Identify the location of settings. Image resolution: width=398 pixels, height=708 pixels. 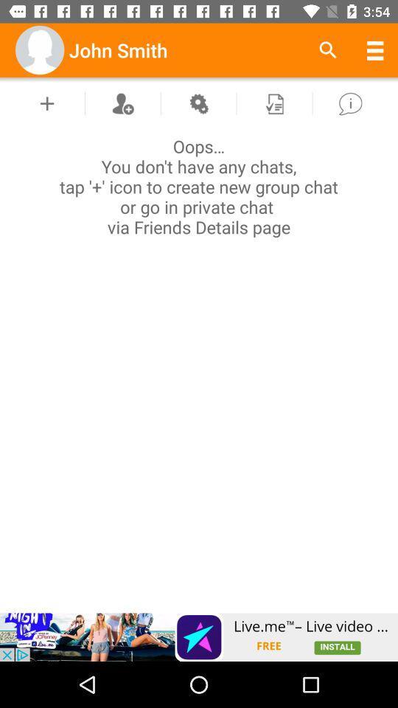
(198, 103).